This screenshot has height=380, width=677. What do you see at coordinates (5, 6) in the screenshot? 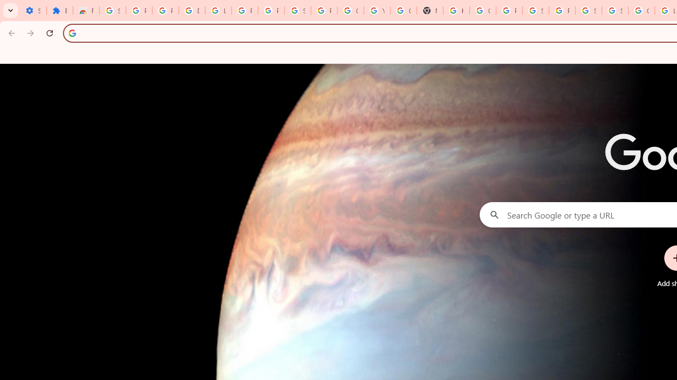
I see `'System'` at bounding box center [5, 6].